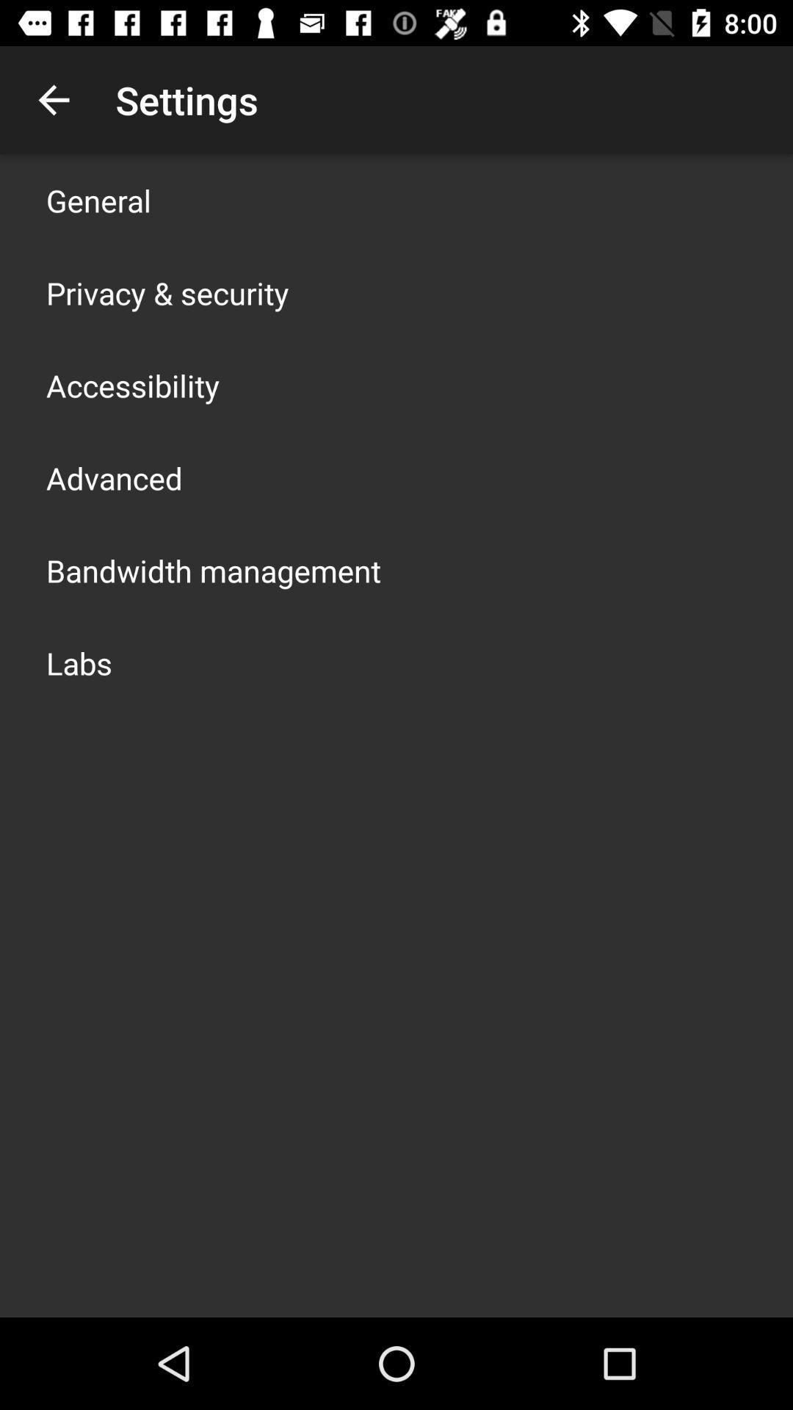  What do you see at coordinates (79, 662) in the screenshot?
I see `the icon below the bandwidth management app` at bounding box center [79, 662].